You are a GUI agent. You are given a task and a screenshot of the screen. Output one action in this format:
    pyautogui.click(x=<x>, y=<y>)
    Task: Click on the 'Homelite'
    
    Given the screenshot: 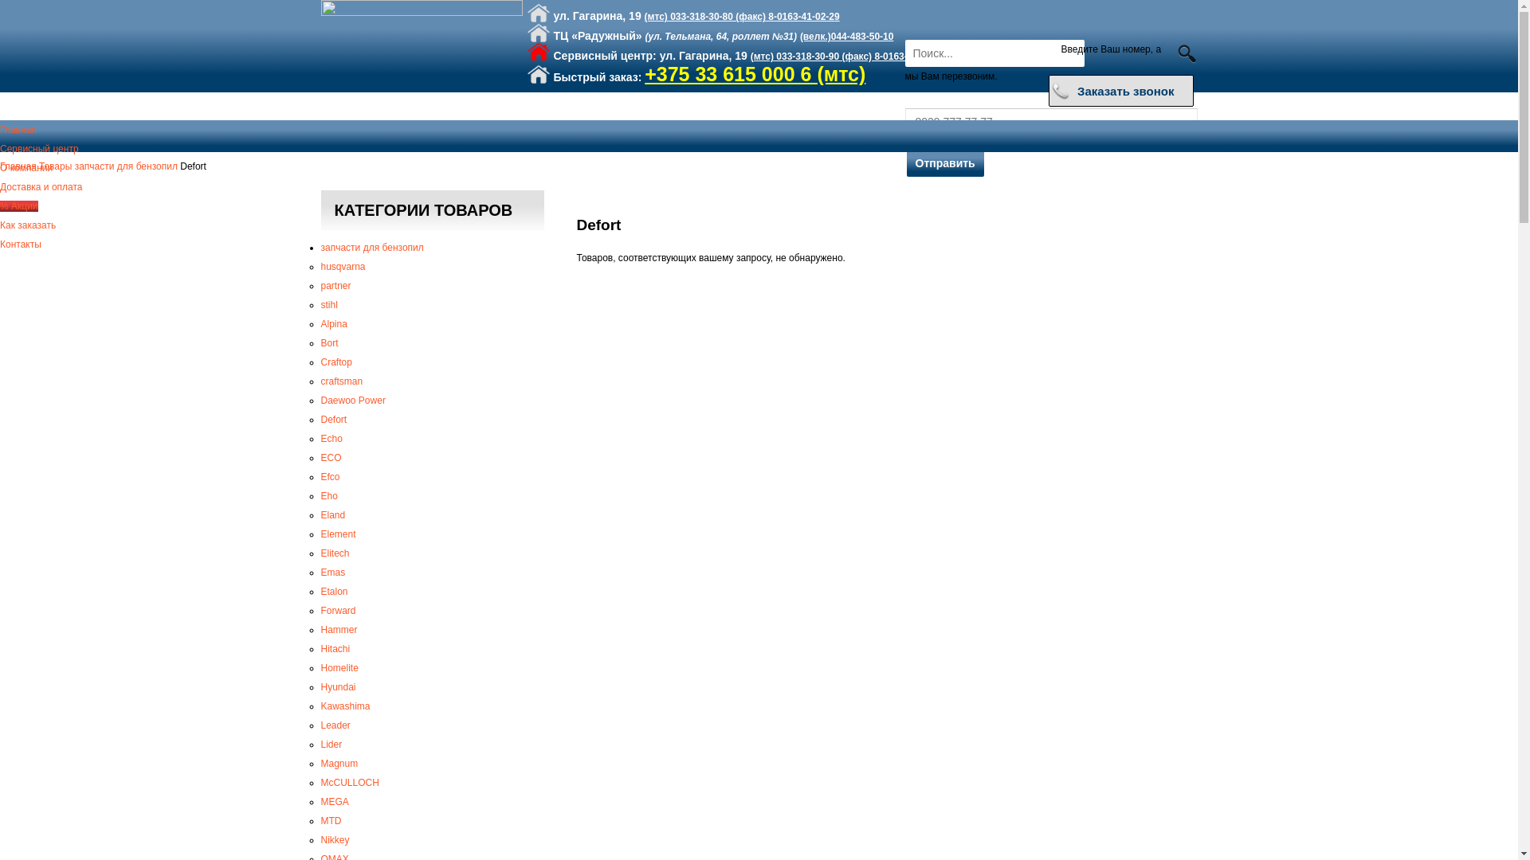 What is the action you would take?
    pyautogui.click(x=320, y=668)
    